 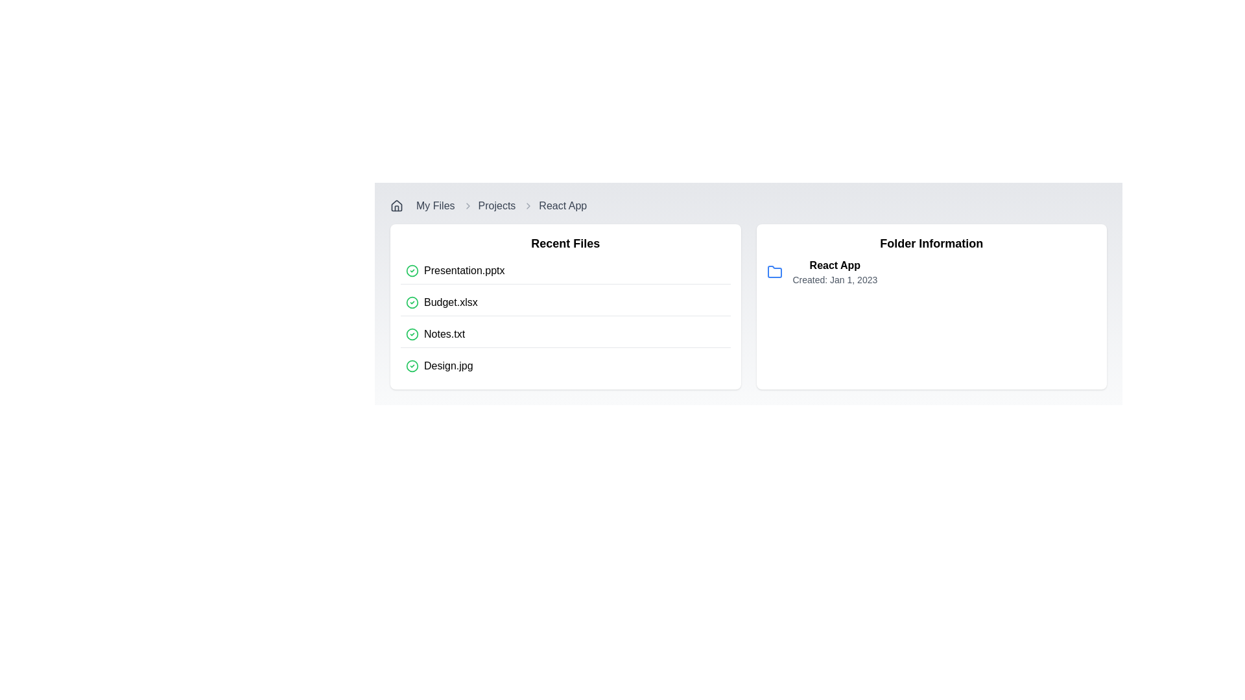 What do you see at coordinates (554, 205) in the screenshot?
I see `the 'React App' breadcrumb link` at bounding box center [554, 205].